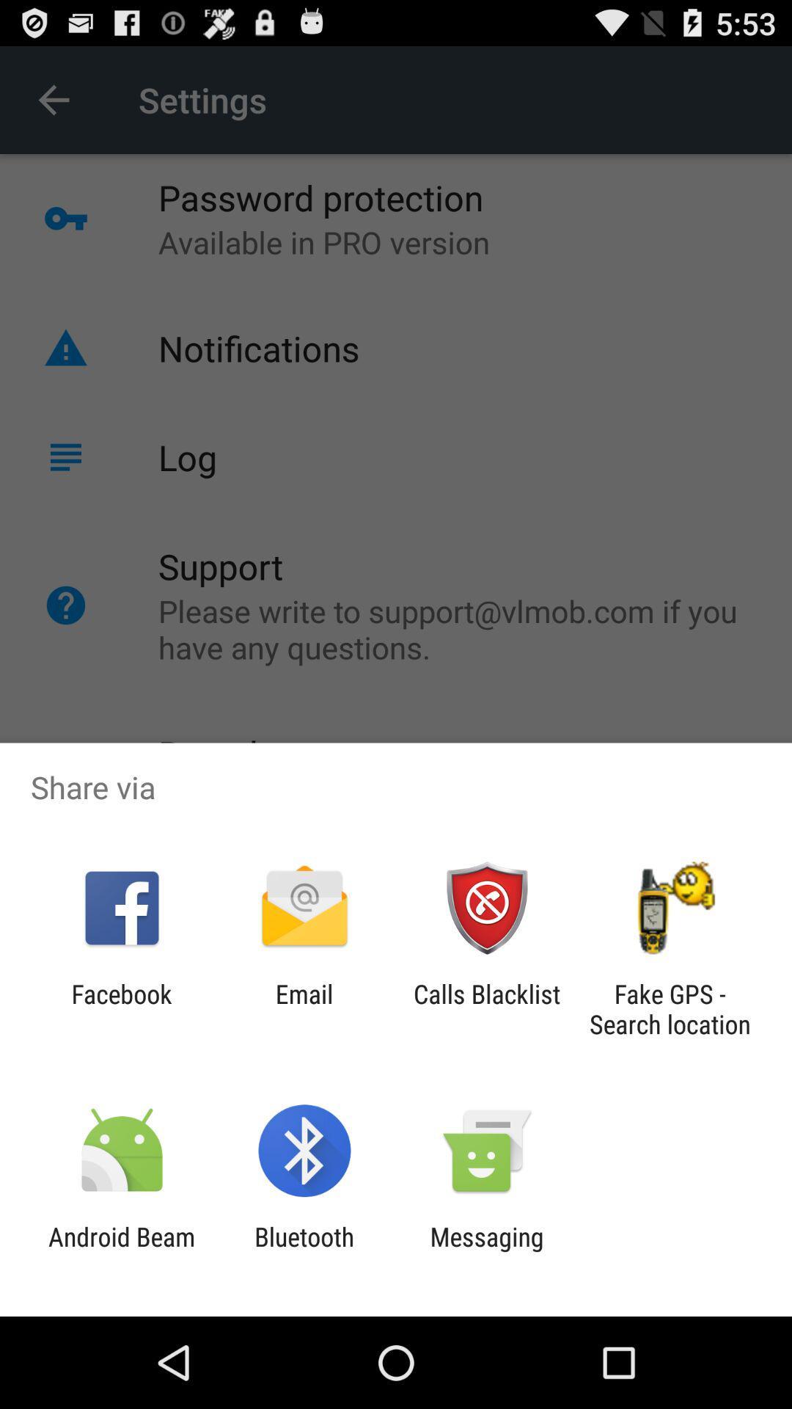 This screenshot has width=792, height=1409. I want to click on app next to the calls blacklist item, so click(670, 1008).